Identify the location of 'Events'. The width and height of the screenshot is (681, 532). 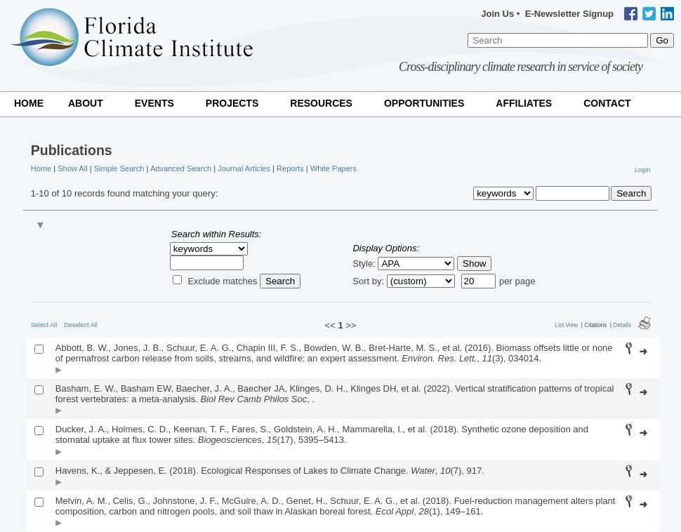
(154, 102).